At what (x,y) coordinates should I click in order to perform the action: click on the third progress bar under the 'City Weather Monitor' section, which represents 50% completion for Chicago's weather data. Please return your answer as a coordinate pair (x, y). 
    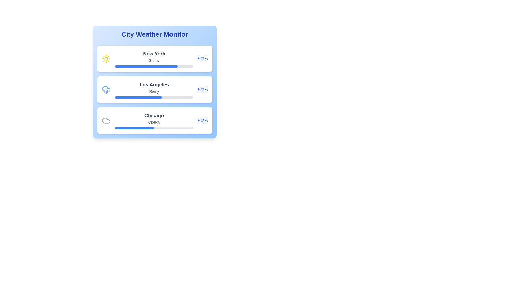
    Looking at the image, I should click on (154, 128).